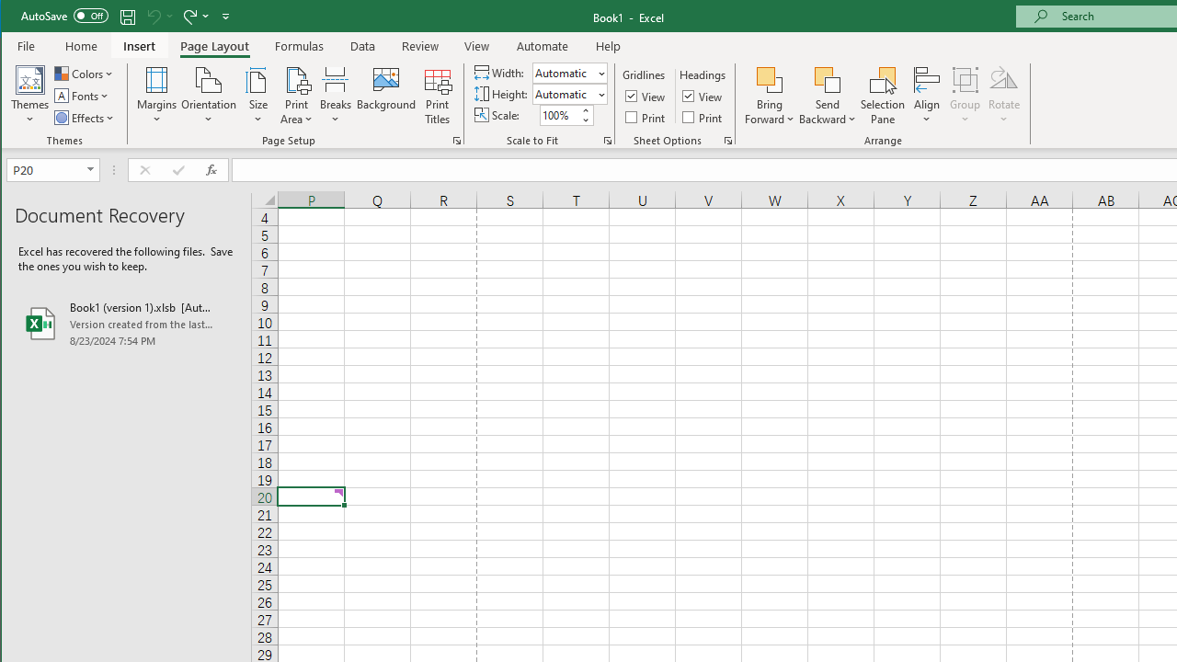 This screenshot has height=662, width=1177. What do you see at coordinates (770, 78) in the screenshot?
I see `'Bring Forward'` at bounding box center [770, 78].